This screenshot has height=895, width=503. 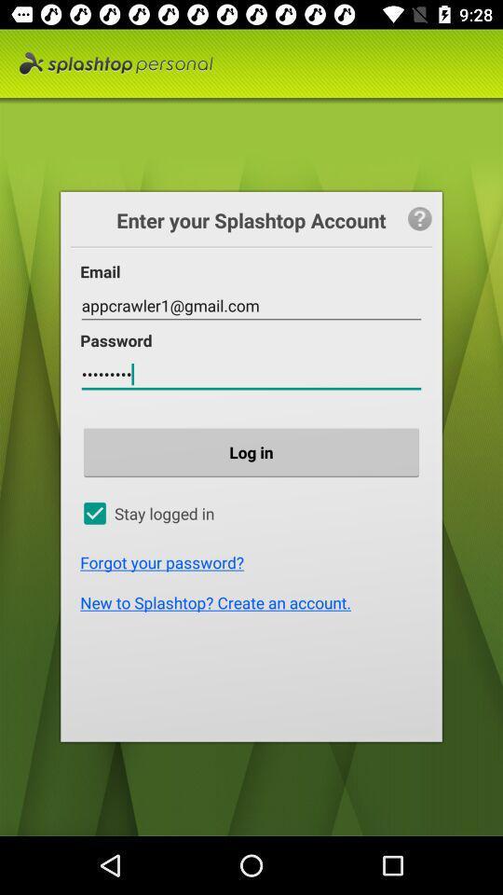 I want to click on text field below the text password, so click(x=251, y=374).